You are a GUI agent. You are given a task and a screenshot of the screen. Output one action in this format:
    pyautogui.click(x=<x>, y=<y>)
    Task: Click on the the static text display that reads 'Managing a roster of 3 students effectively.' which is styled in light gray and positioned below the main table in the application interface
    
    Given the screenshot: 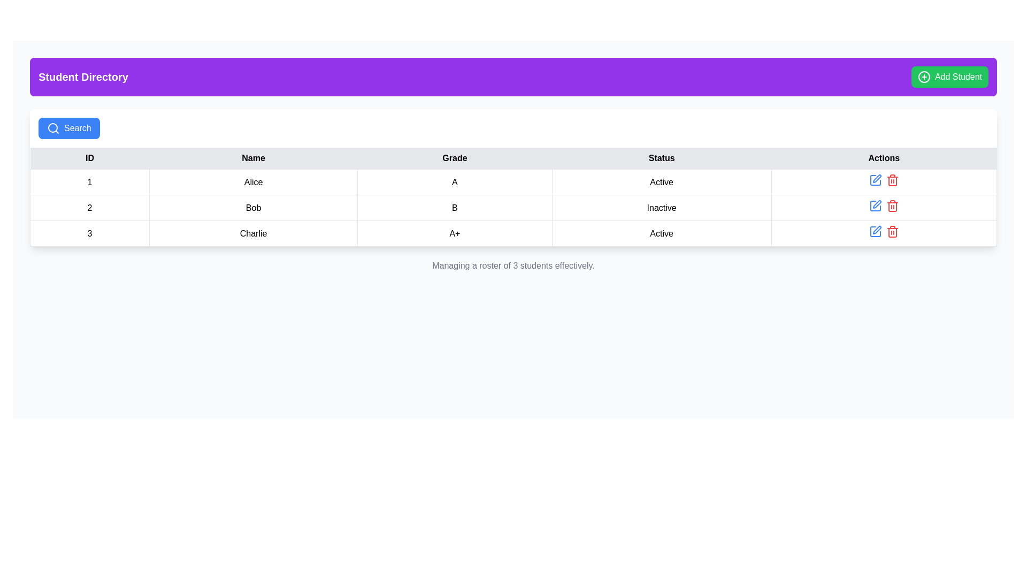 What is the action you would take?
    pyautogui.click(x=513, y=265)
    